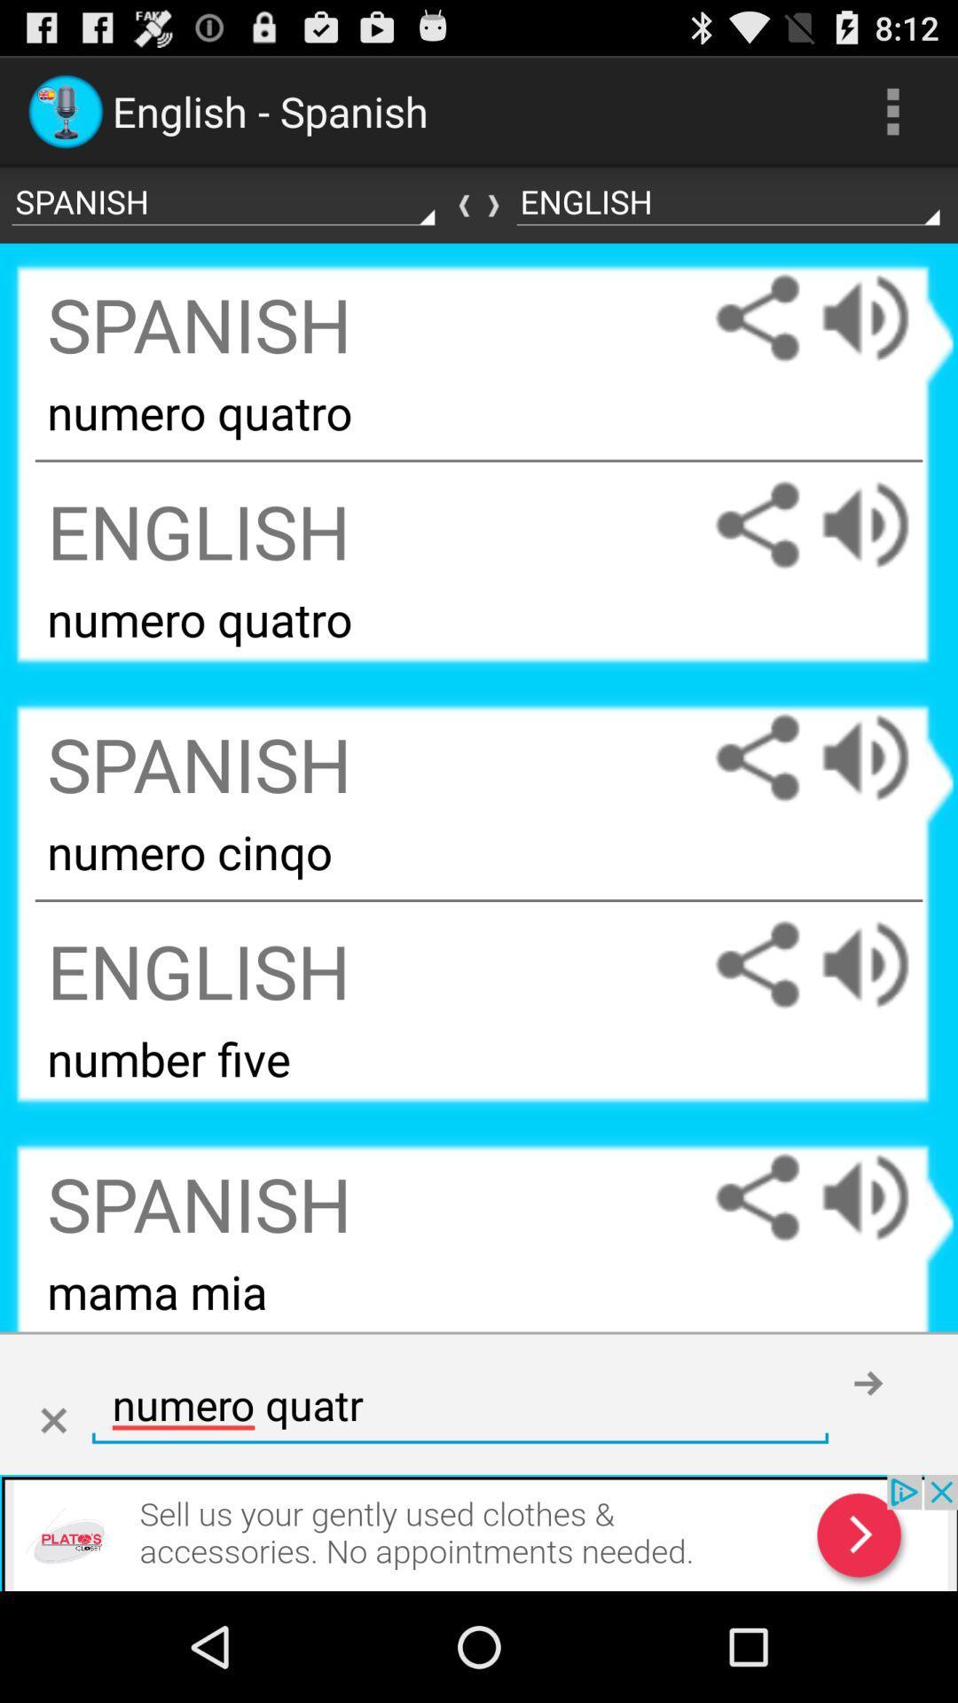  What do you see at coordinates (757, 963) in the screenshot?
I see `click here to share` at bounding box center [757, 963].